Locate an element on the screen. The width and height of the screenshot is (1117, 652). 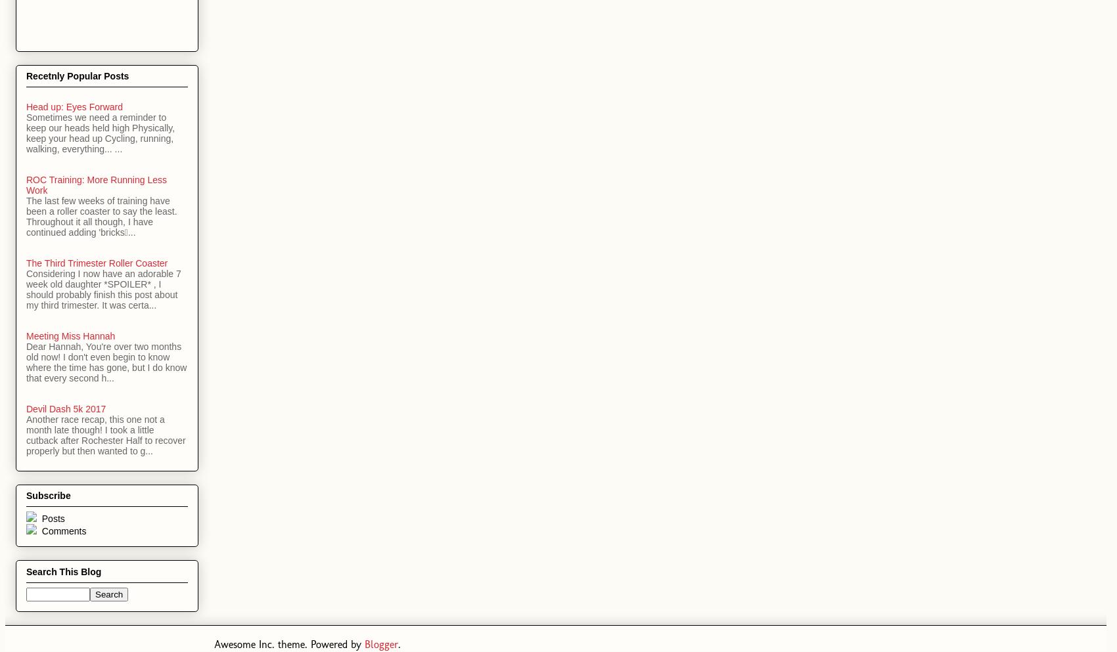
'Meeting Miss Hannah' is located at coordinates (70, 336).